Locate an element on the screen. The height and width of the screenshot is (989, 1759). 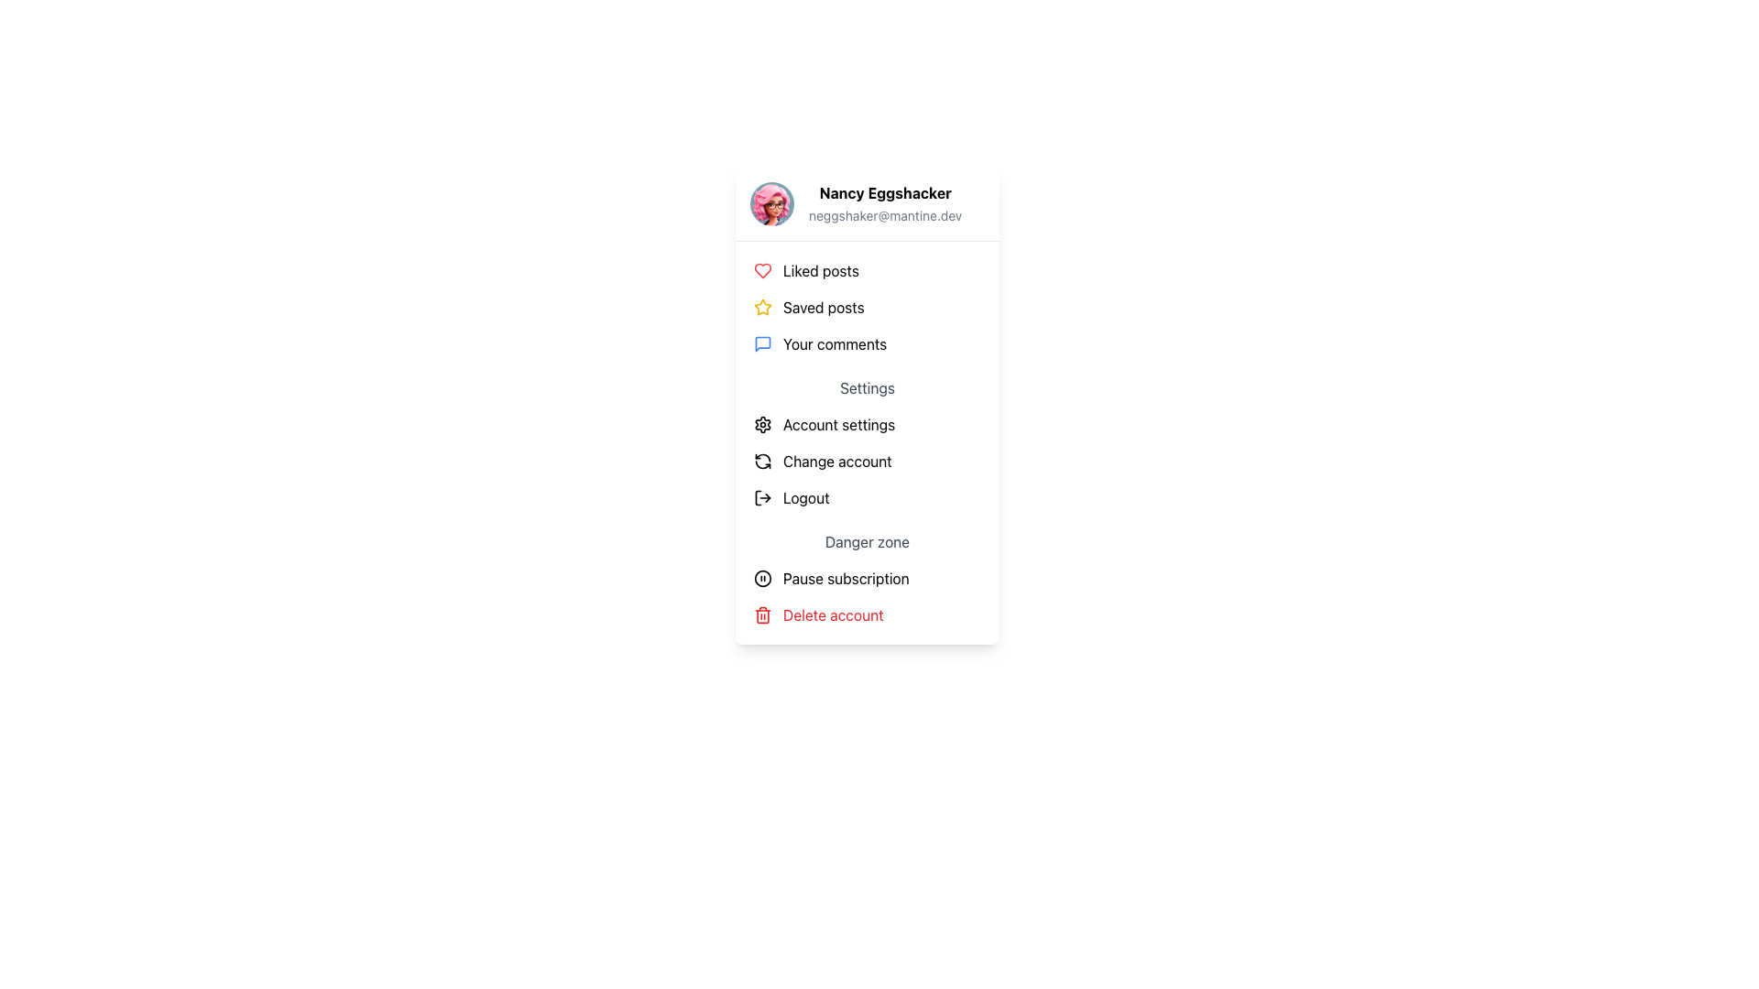
the text label that indicates the action to permanently delete the user's account, located under the 'Danger zone' section, following 'Pause subscription' is located at coordinates (832, 614).